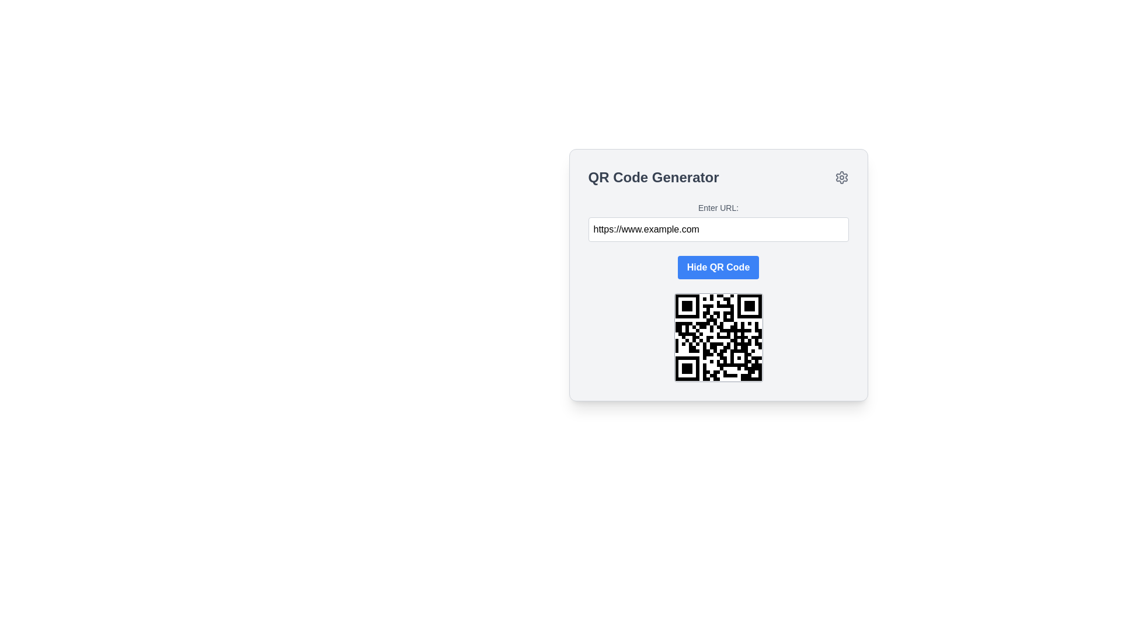 The width and height of the screenshot is (1121, 631). I want to click on the settings icon located in the upper right corner of the window, so click(841, 178).